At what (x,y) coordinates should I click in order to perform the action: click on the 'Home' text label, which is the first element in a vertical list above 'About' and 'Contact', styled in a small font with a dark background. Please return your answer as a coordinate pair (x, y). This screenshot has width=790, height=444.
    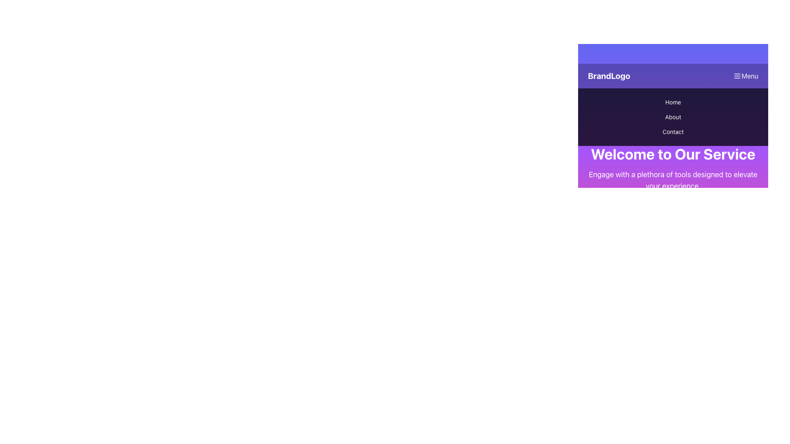
    Looking at the image, I should click on (673, 102).